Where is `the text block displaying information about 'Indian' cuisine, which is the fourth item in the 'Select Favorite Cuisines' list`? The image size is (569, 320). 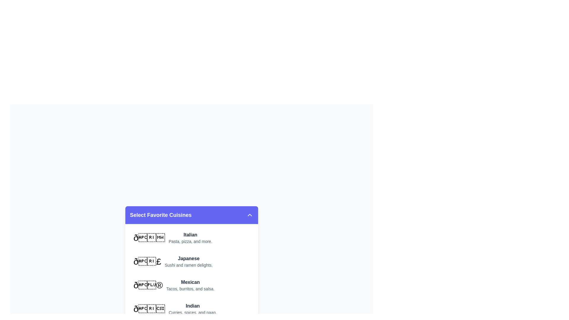 the text block displaying information about 'Indian' cuisine, which is the fourth item in the 'Select Favorite Cuisines' list is located at coordinates (193, 308).